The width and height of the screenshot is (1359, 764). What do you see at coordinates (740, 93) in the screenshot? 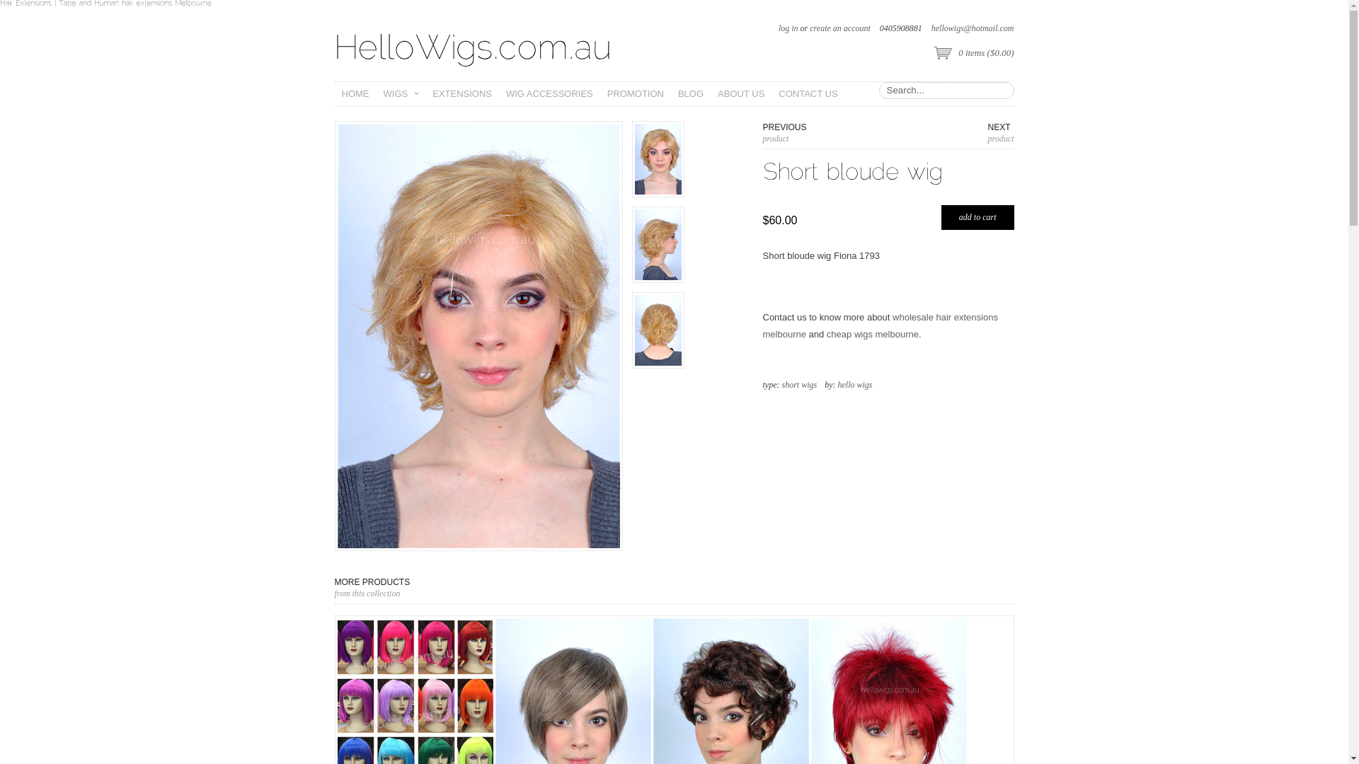
I see `'ABOUT US'` at bounding box center [740, 93].